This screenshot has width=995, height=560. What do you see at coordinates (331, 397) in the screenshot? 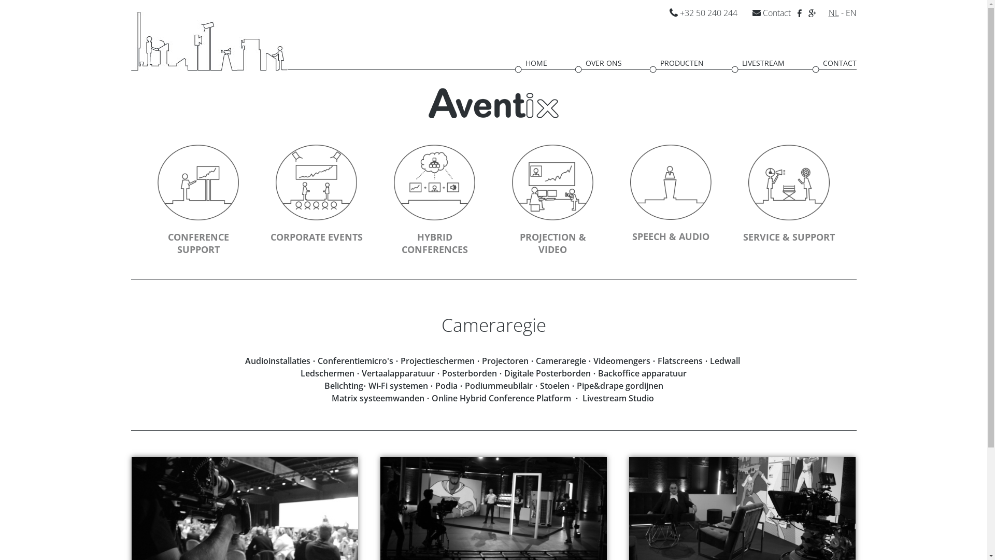
I see `'Matrix systeemwanden'` at bounding box center [331, 397].